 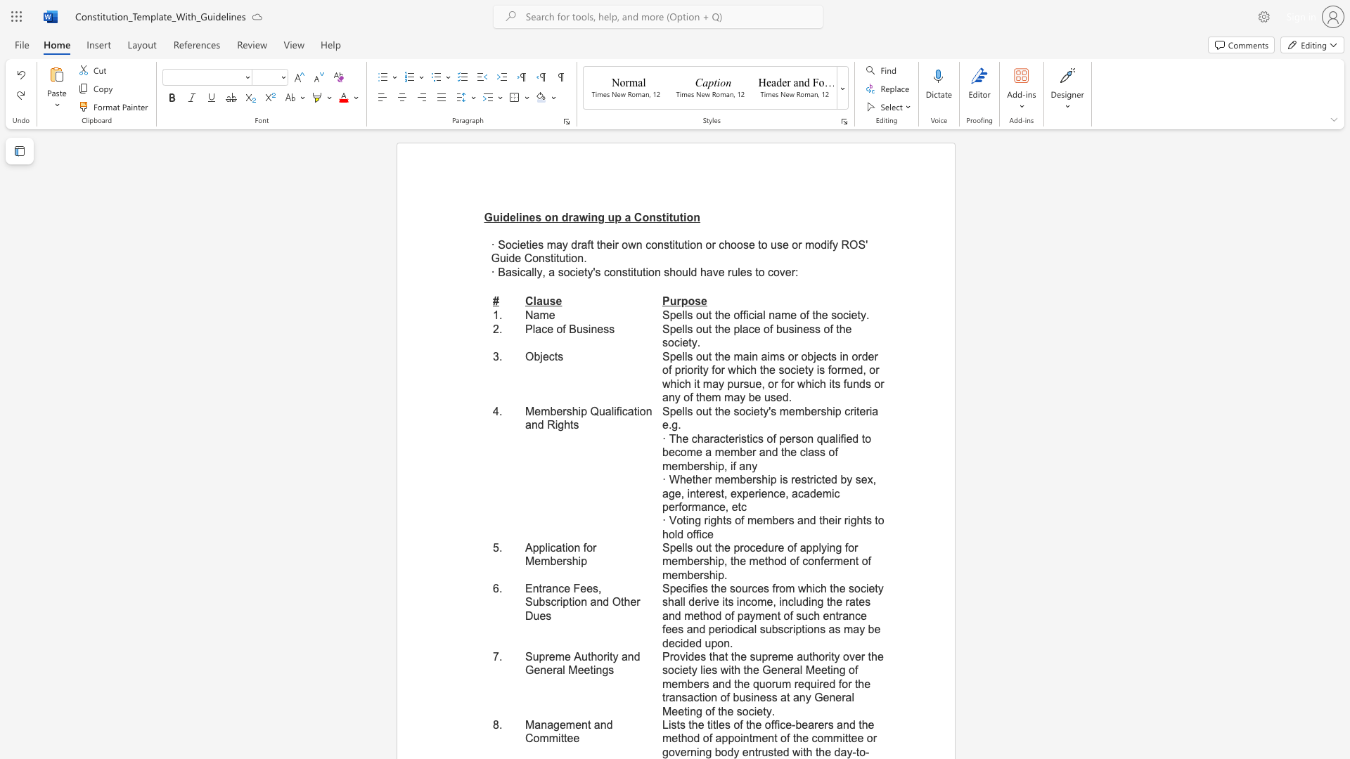 I want to click on the 1th character "f" in the text, so click(x=771, y=329).